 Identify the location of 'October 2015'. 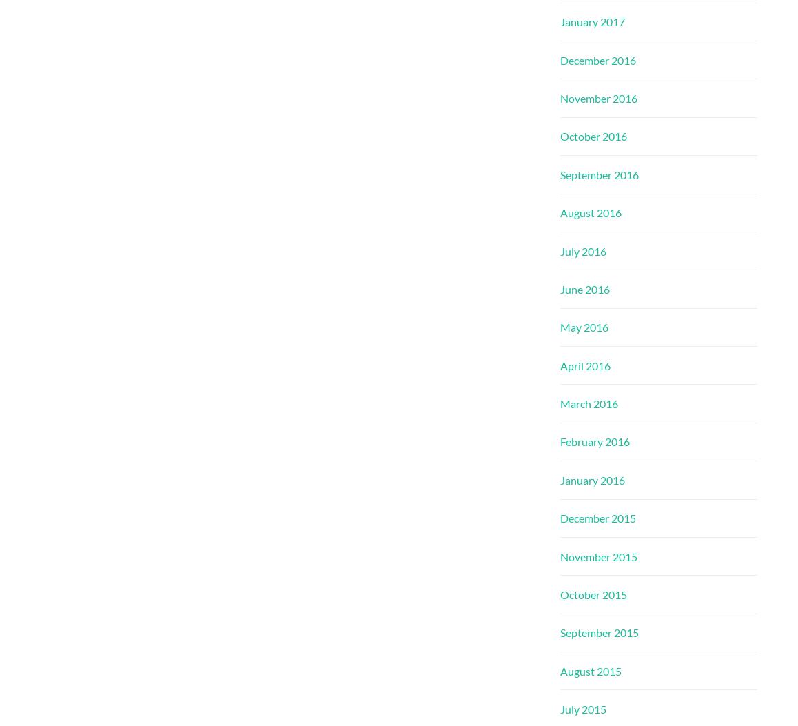
(593, 593).